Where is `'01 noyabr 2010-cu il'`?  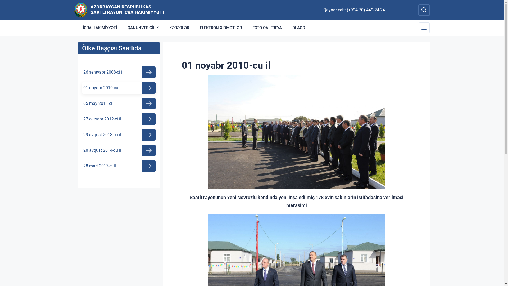 '01 noyabr 2010-cu il' is located at coordinates (119, 87).